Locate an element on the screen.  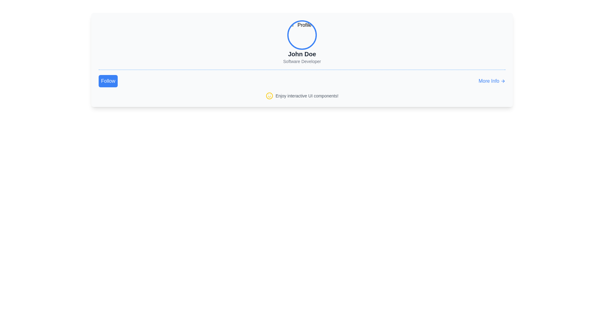
the 'Follow' button, which is a blue rectangular button with rounded corners and white text, to observe visual style changes is located at coordinates (108, 81).